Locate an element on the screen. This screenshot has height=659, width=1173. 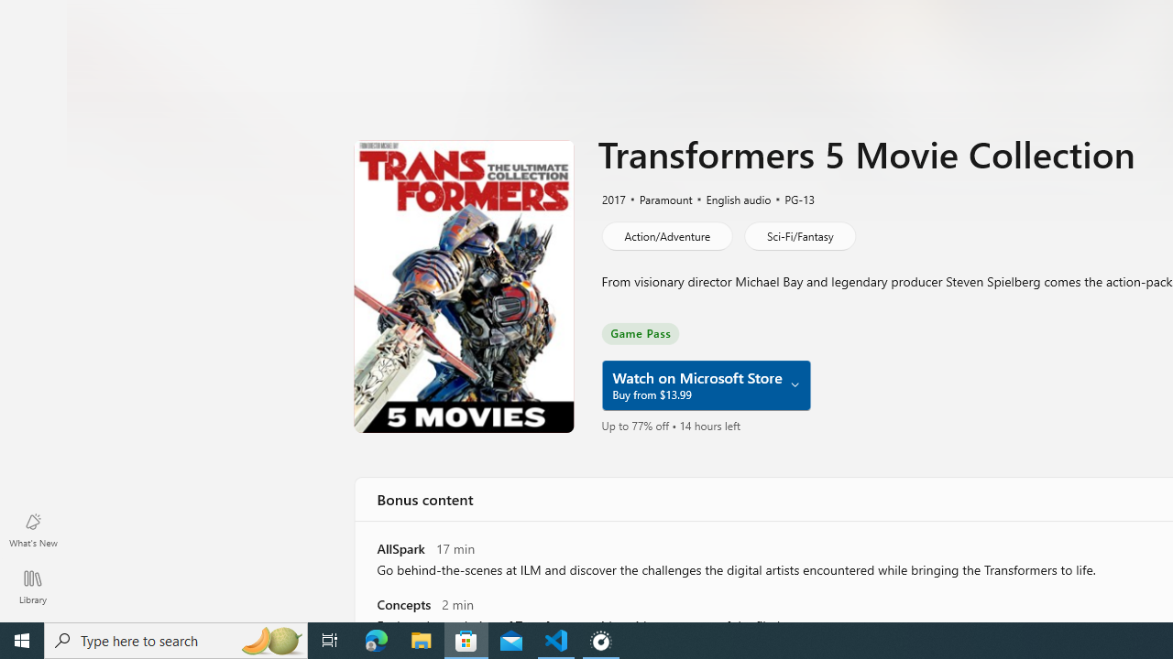
'What' is located at coordinates (32, 529).